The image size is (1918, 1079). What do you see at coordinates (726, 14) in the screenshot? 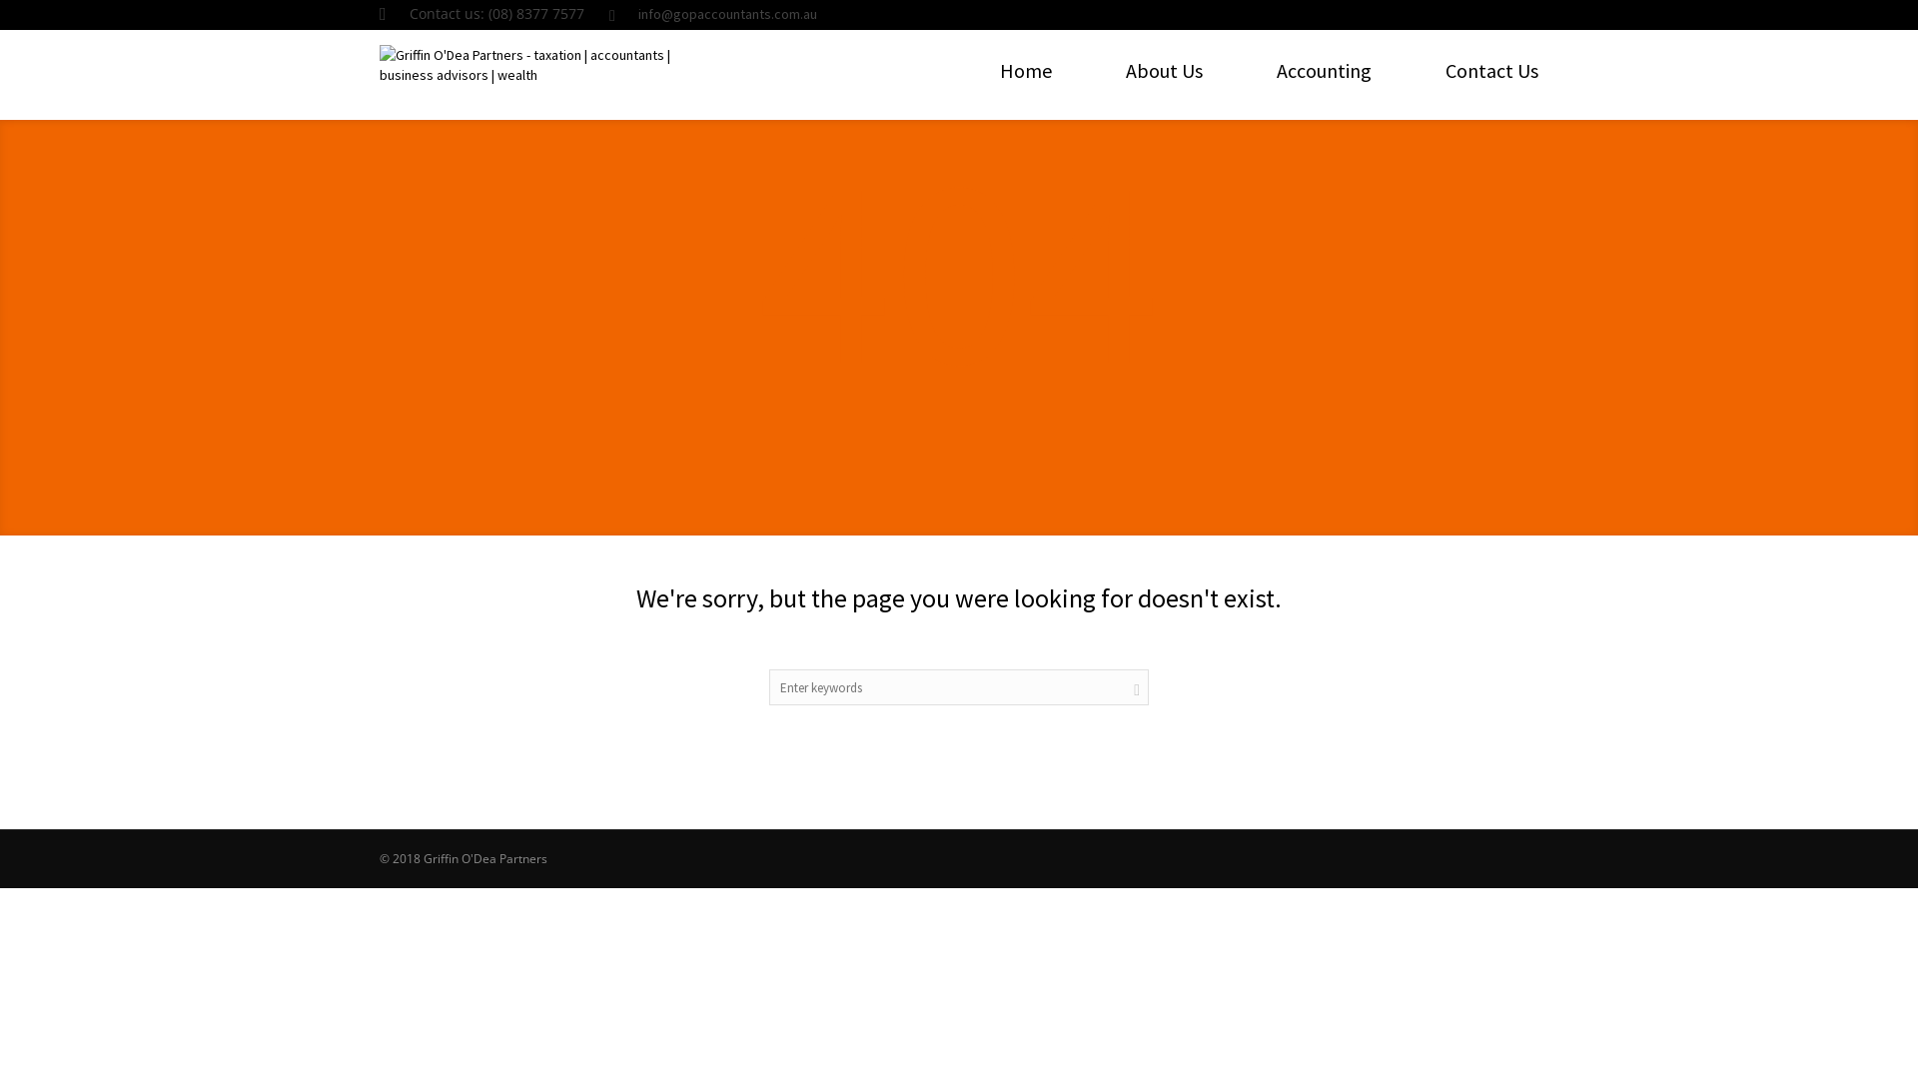
I see `'info@gopaccountants.com.au'` at bounding box center [726, 14].